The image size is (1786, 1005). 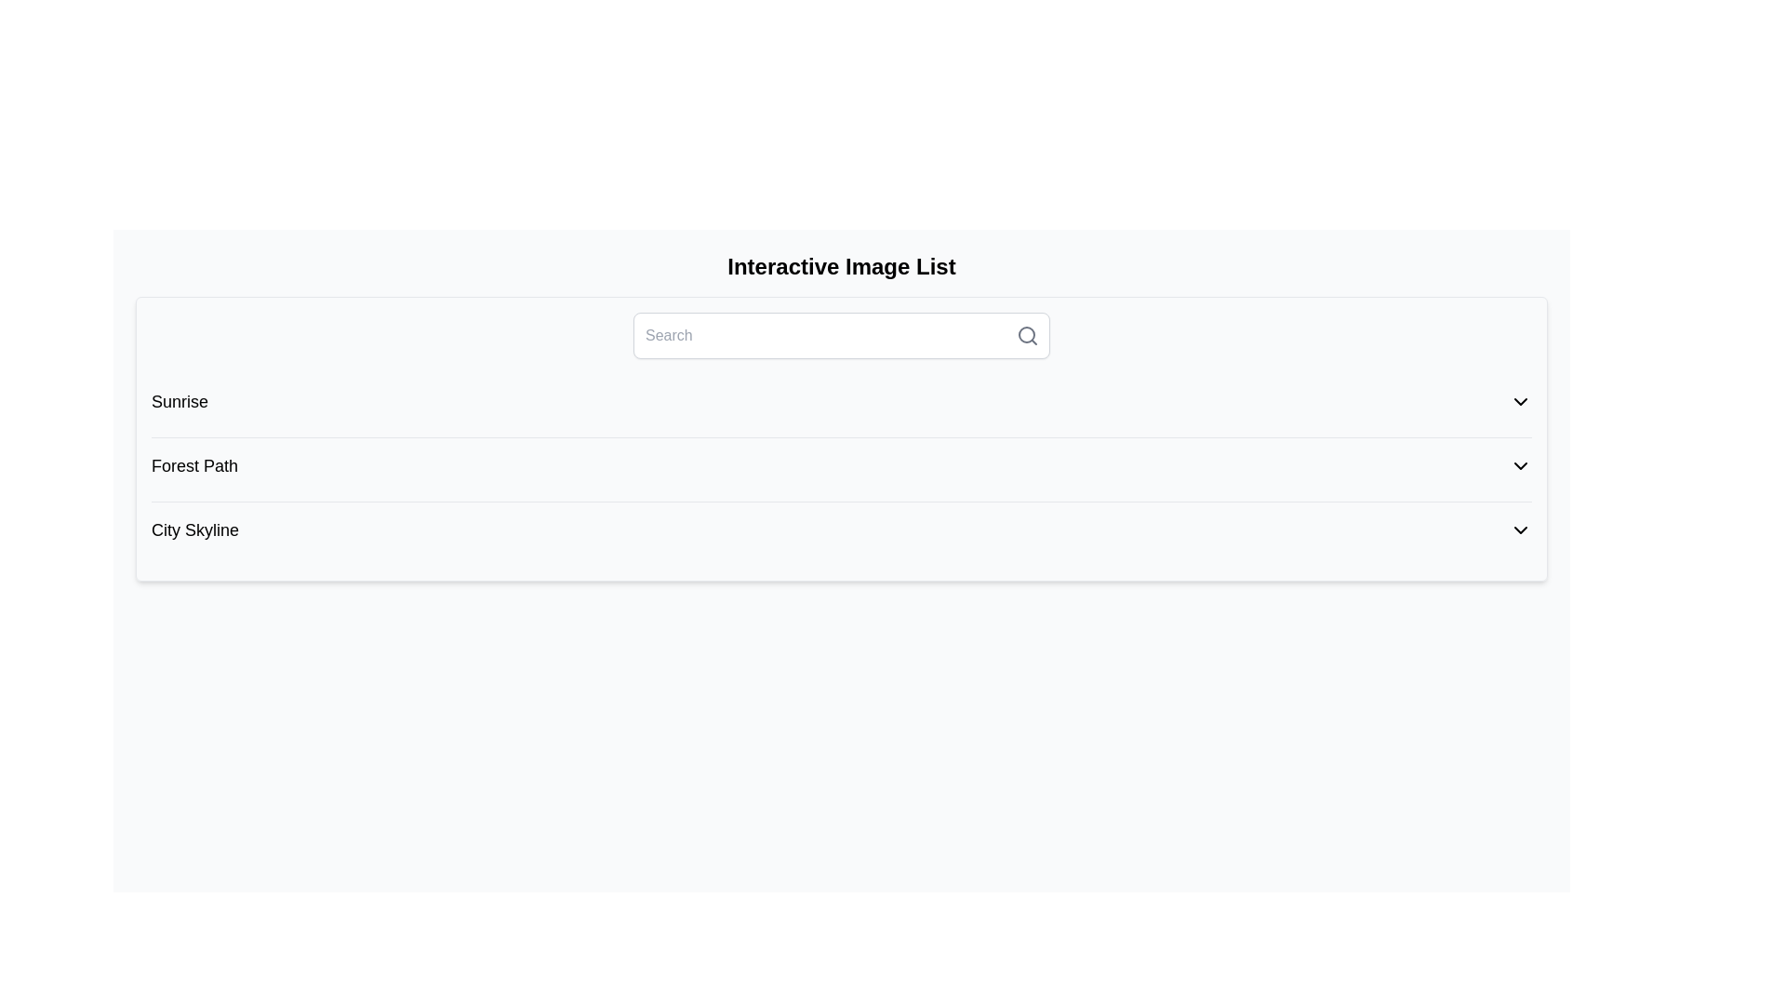 What do you see at coordinates (181, 459) in the screenshot?
I see `the static label that serves as a category tag, positioned to the left of the 'Sunrise' label` at bounding box center [181, 459].